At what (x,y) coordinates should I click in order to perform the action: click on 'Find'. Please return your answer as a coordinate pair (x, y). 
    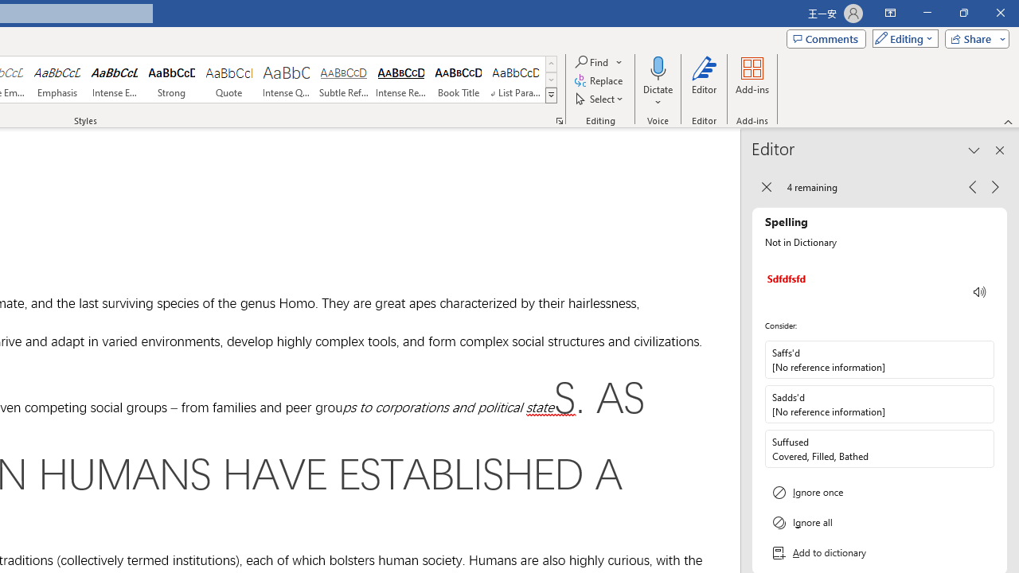
    Looking at the image, I should click on (599, 61).